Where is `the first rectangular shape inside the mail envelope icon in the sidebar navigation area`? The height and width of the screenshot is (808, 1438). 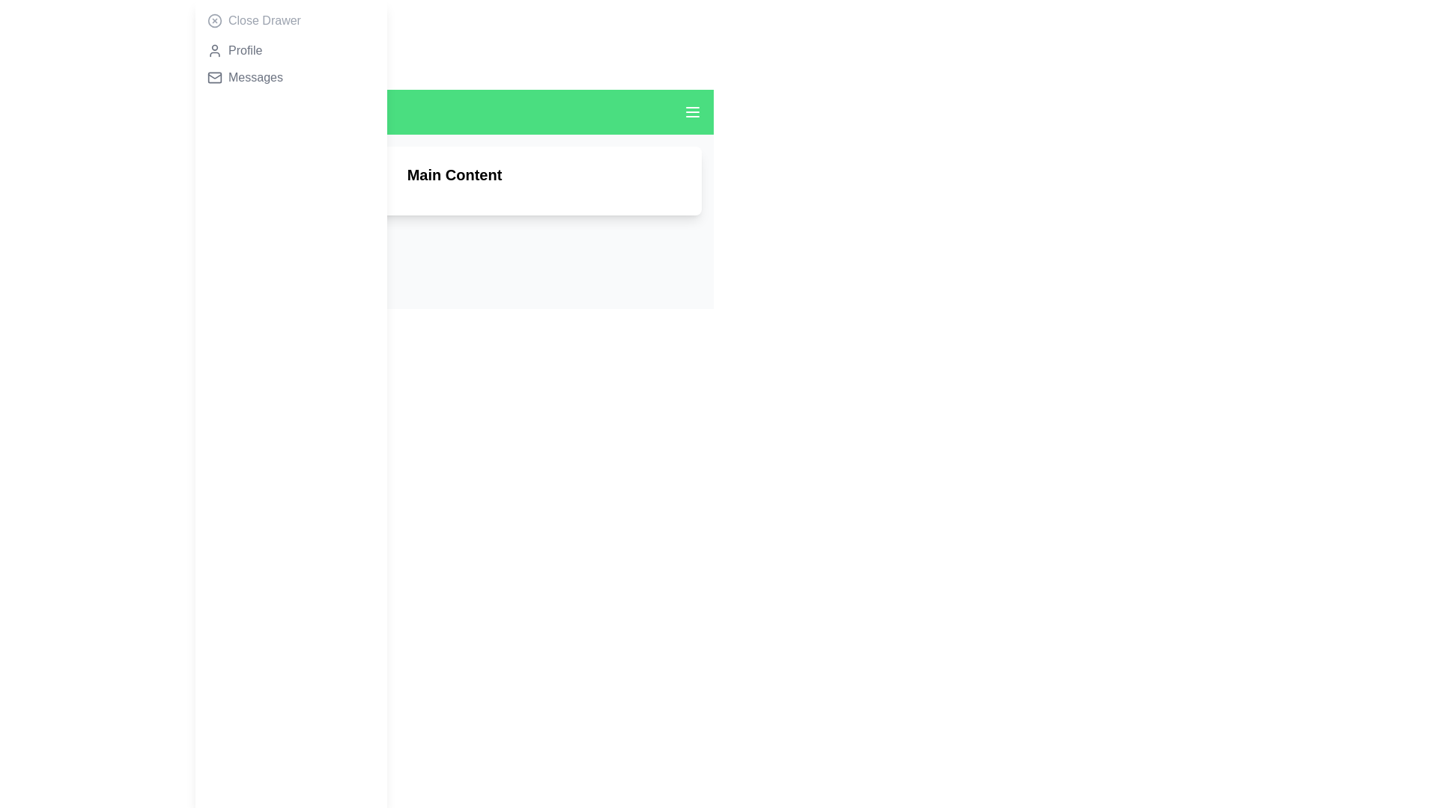
the first rectangular shape inside the mail envelope icon in the sidebar navigation area is located at coordinates (214, 78).